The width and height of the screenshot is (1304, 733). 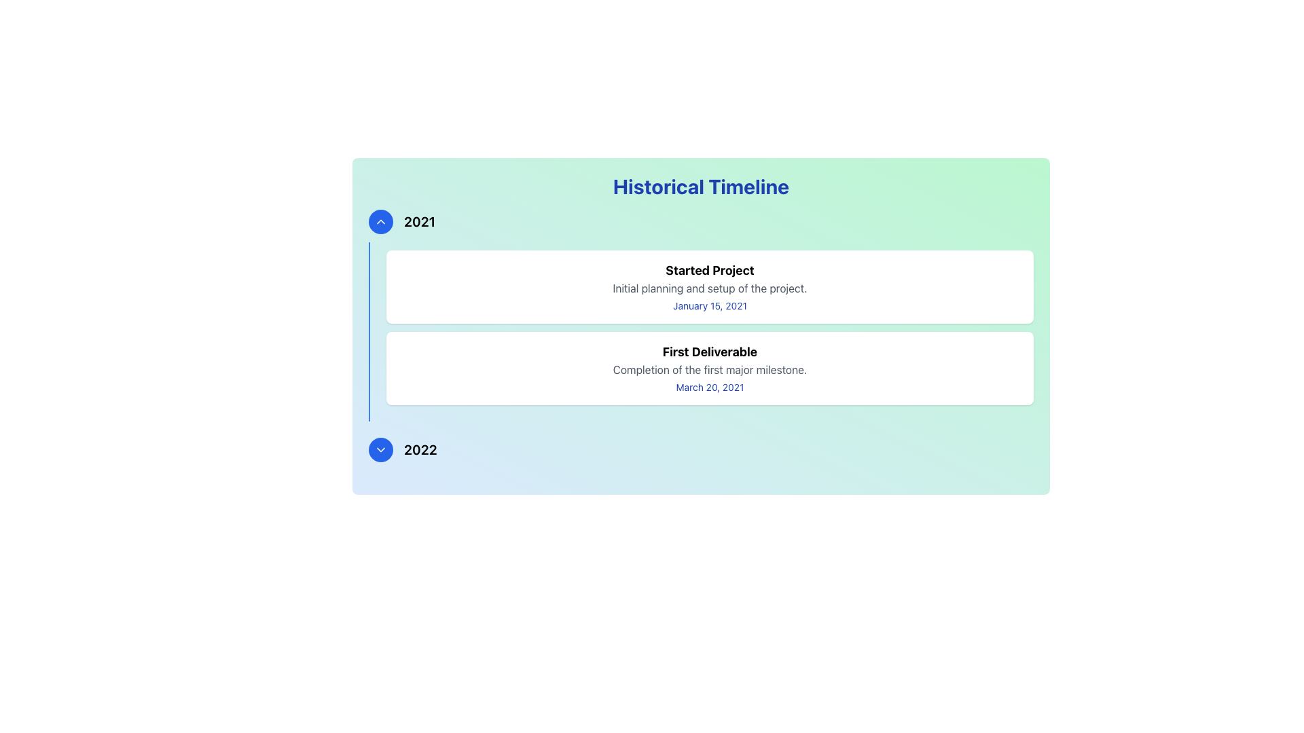 What do you see at coordinates (709, 270) in the screenshot?
I see `the title text of the project milestone located at the upper part of the card in the historical timeline, which is positioned below the '2021' label` at bounding box center [709, 270].